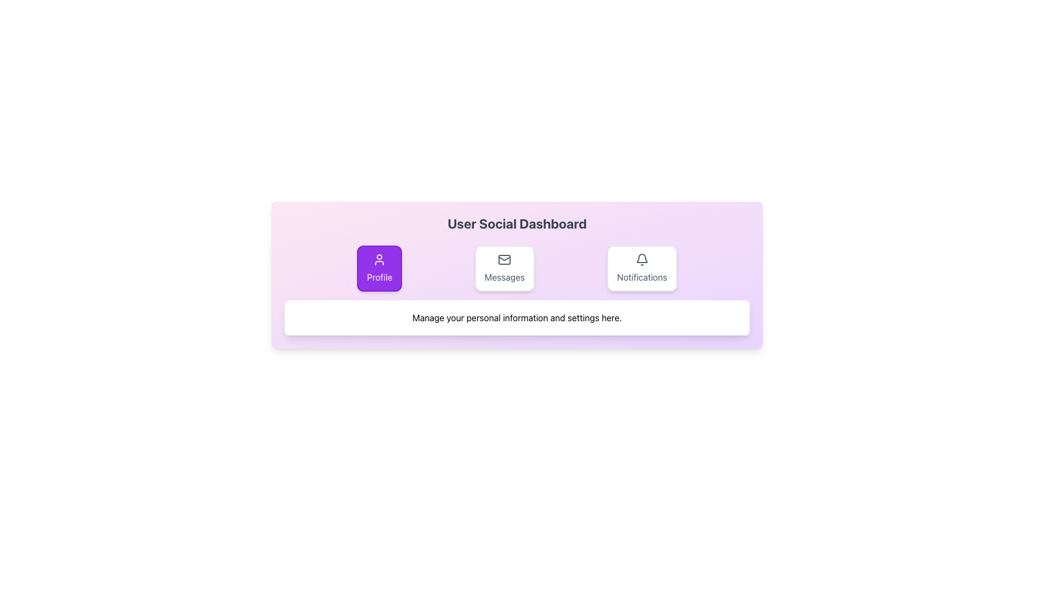 The width and height of the screenshot is (1053, 592). I want to click on the button labeled 'Messages' that is positioned between 'Profile' and 'Notifications', so click(504, 268).